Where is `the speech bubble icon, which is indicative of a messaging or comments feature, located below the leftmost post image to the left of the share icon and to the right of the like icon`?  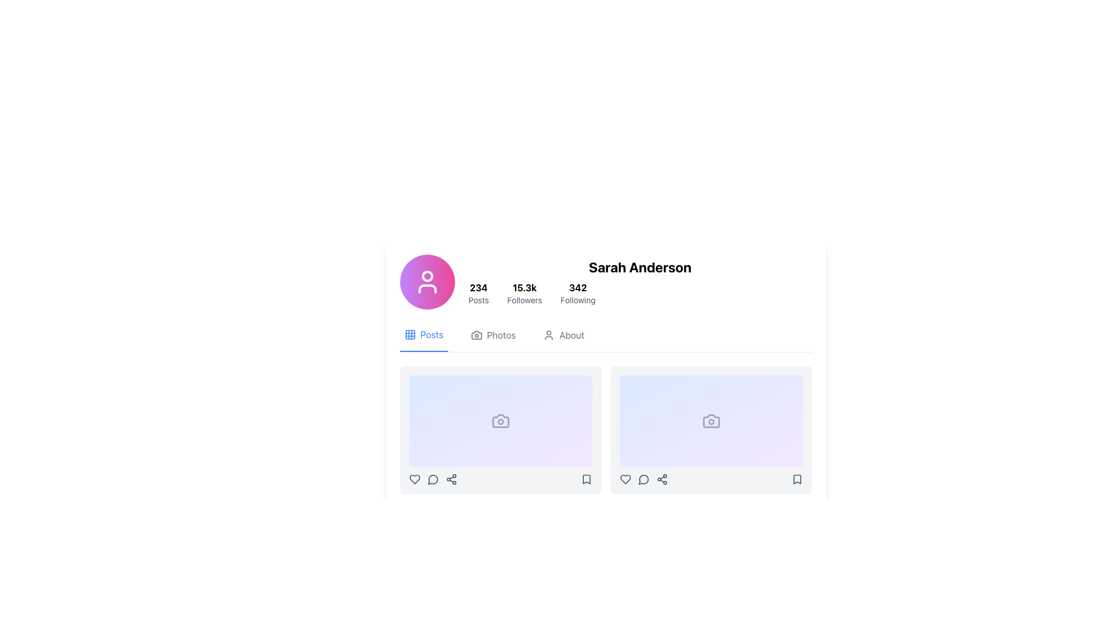 the speech bubble icon, which is indicative of a messaging or comments feature, located below the leftmost post image to the left of the share icon and to the right of the like icon is located at coordinates (432, 479).